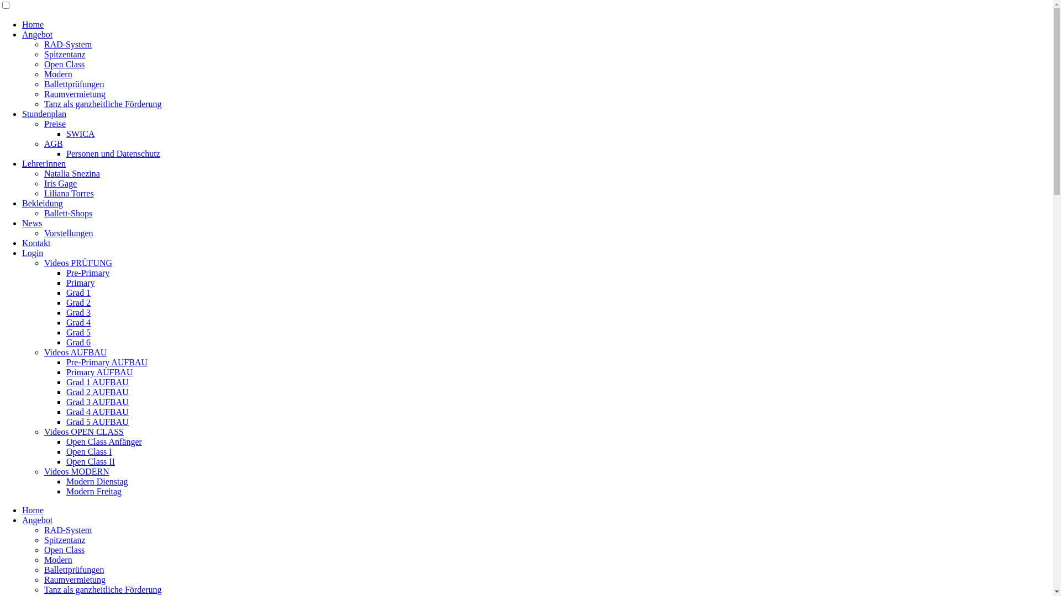 This screenshot has width=1061, height=596. Describe the element at coordinates (78, 312) in the screenshot. I see `'Grad 3'` at that location.